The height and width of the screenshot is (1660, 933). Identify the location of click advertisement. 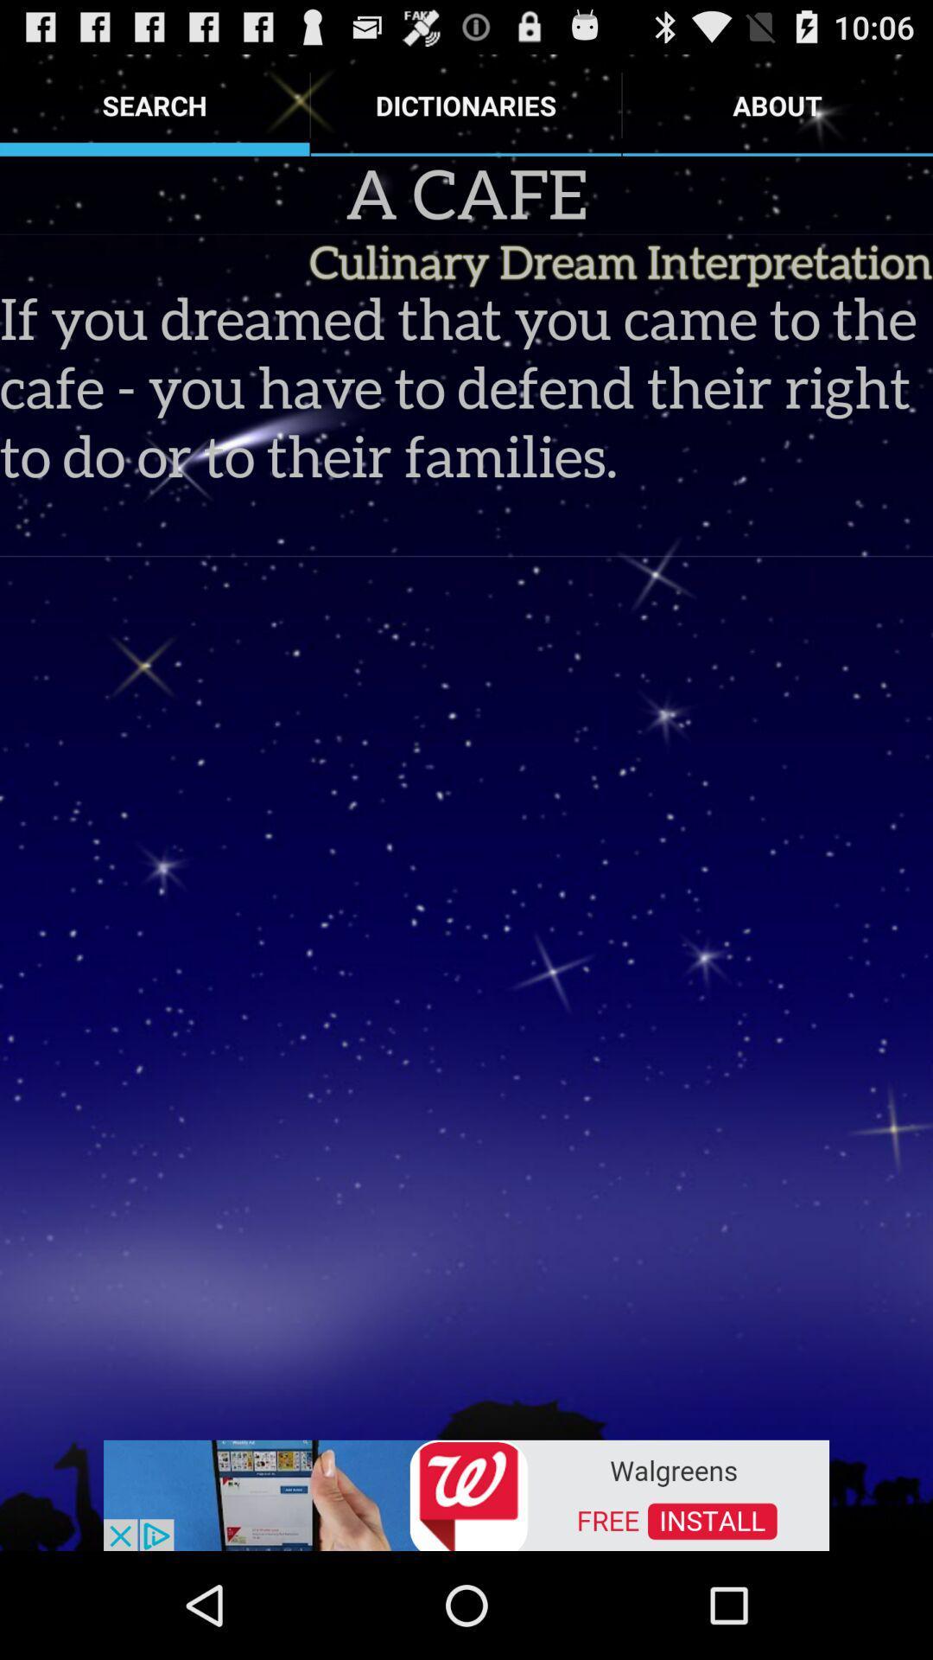
(466, 1493).